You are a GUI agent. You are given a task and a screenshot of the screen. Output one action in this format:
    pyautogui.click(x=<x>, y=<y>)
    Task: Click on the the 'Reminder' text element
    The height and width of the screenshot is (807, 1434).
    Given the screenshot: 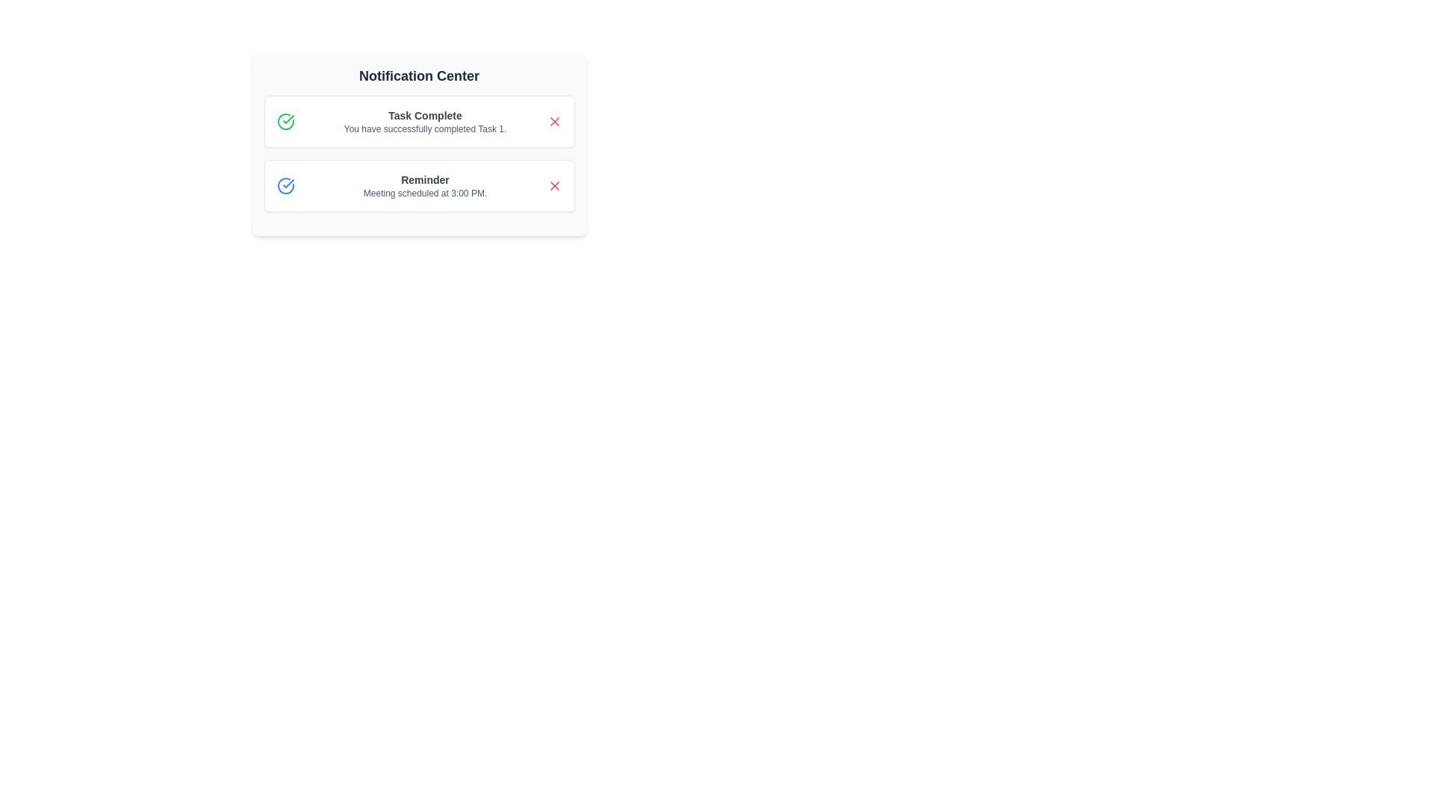 What is the action you would take?
    pyautogui.click(x=424, y=179)
    